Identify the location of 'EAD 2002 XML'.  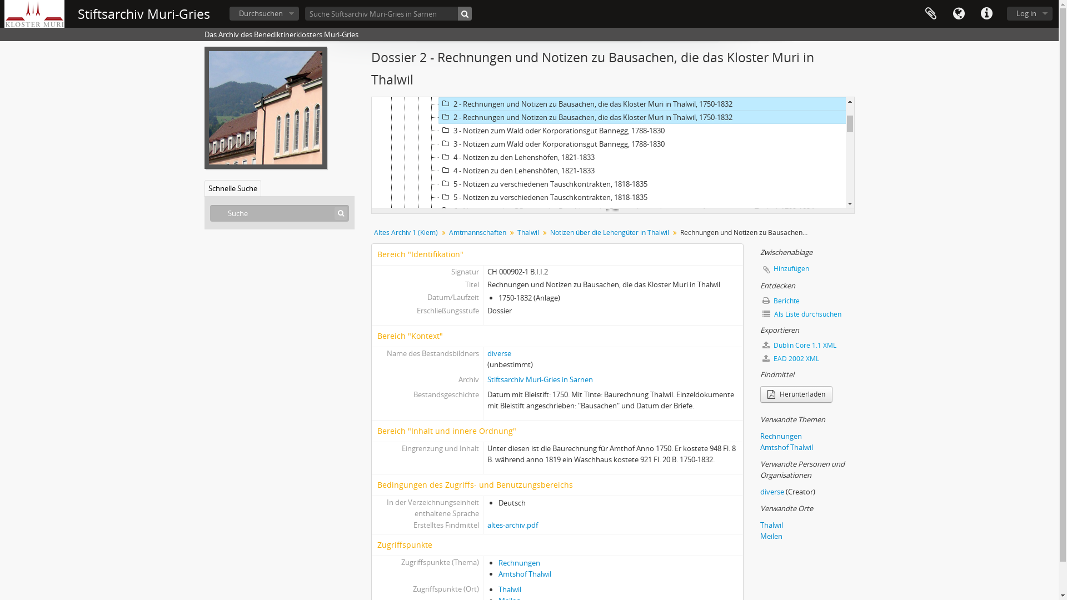
(760, 358).